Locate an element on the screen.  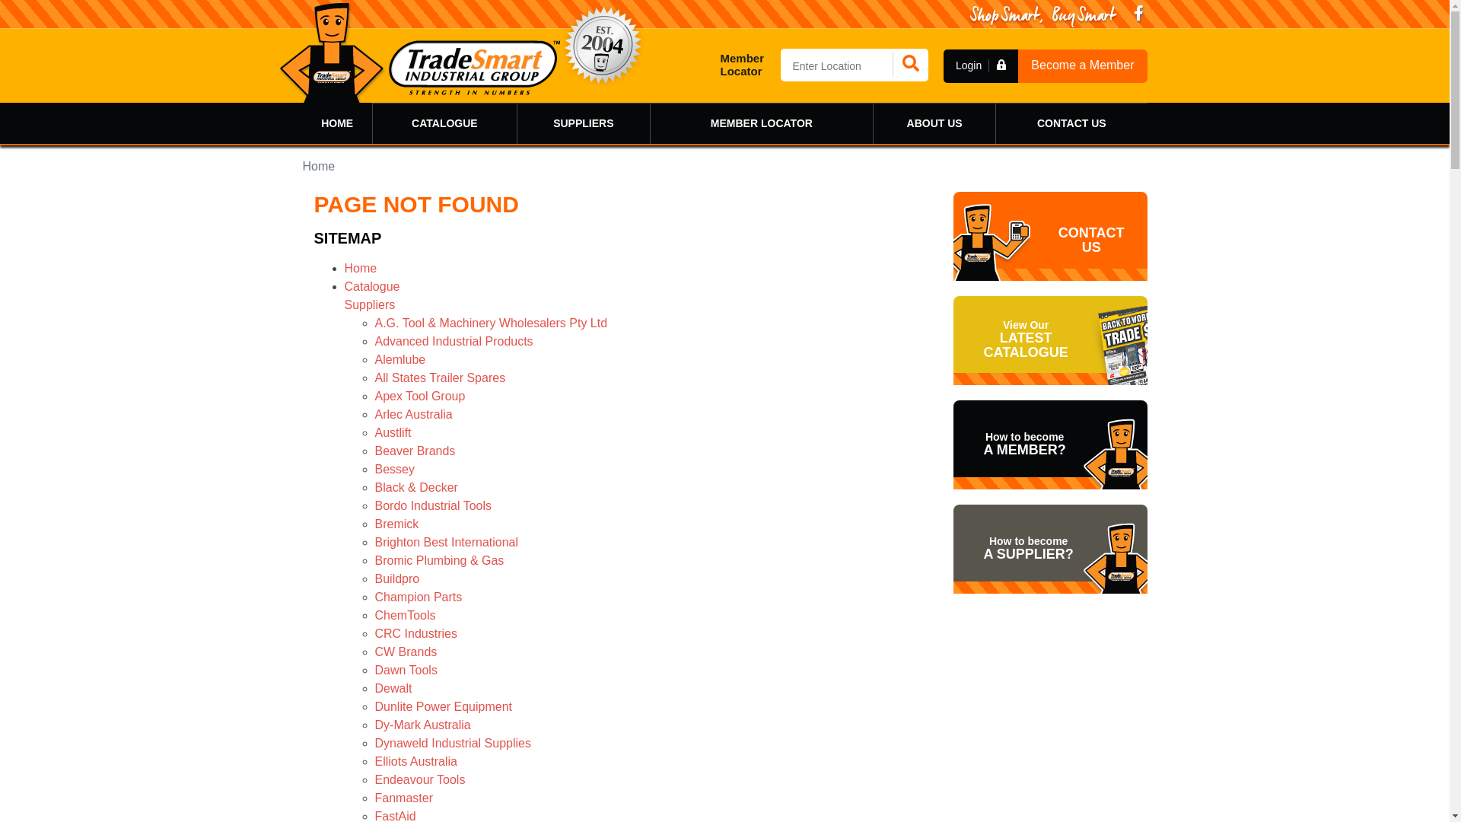
'Buildpro' is located at coordinates (396, 578).